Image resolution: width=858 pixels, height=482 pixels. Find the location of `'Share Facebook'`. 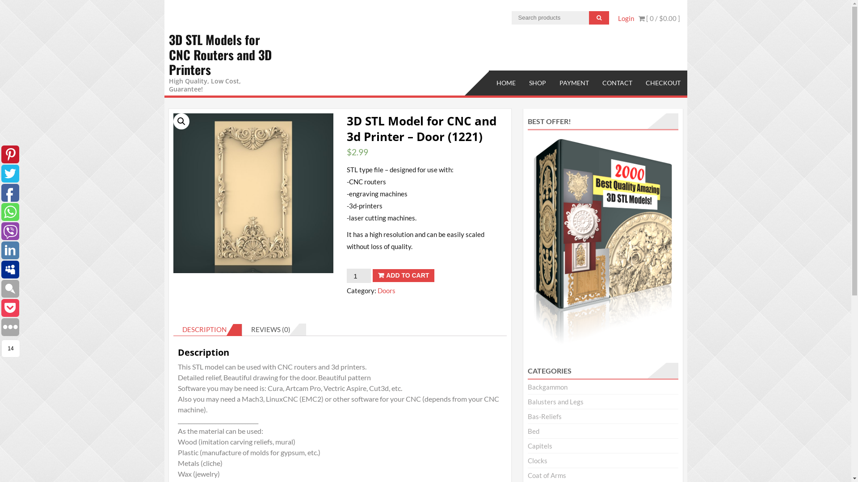

'Share Facebook' is located at coordinates (10, 192).